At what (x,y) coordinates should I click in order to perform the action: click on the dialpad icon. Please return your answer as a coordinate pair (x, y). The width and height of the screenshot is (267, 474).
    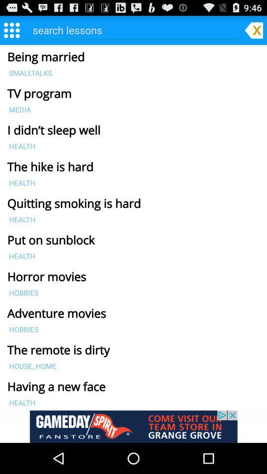
    Looking at the image, I should click on (11, 32).